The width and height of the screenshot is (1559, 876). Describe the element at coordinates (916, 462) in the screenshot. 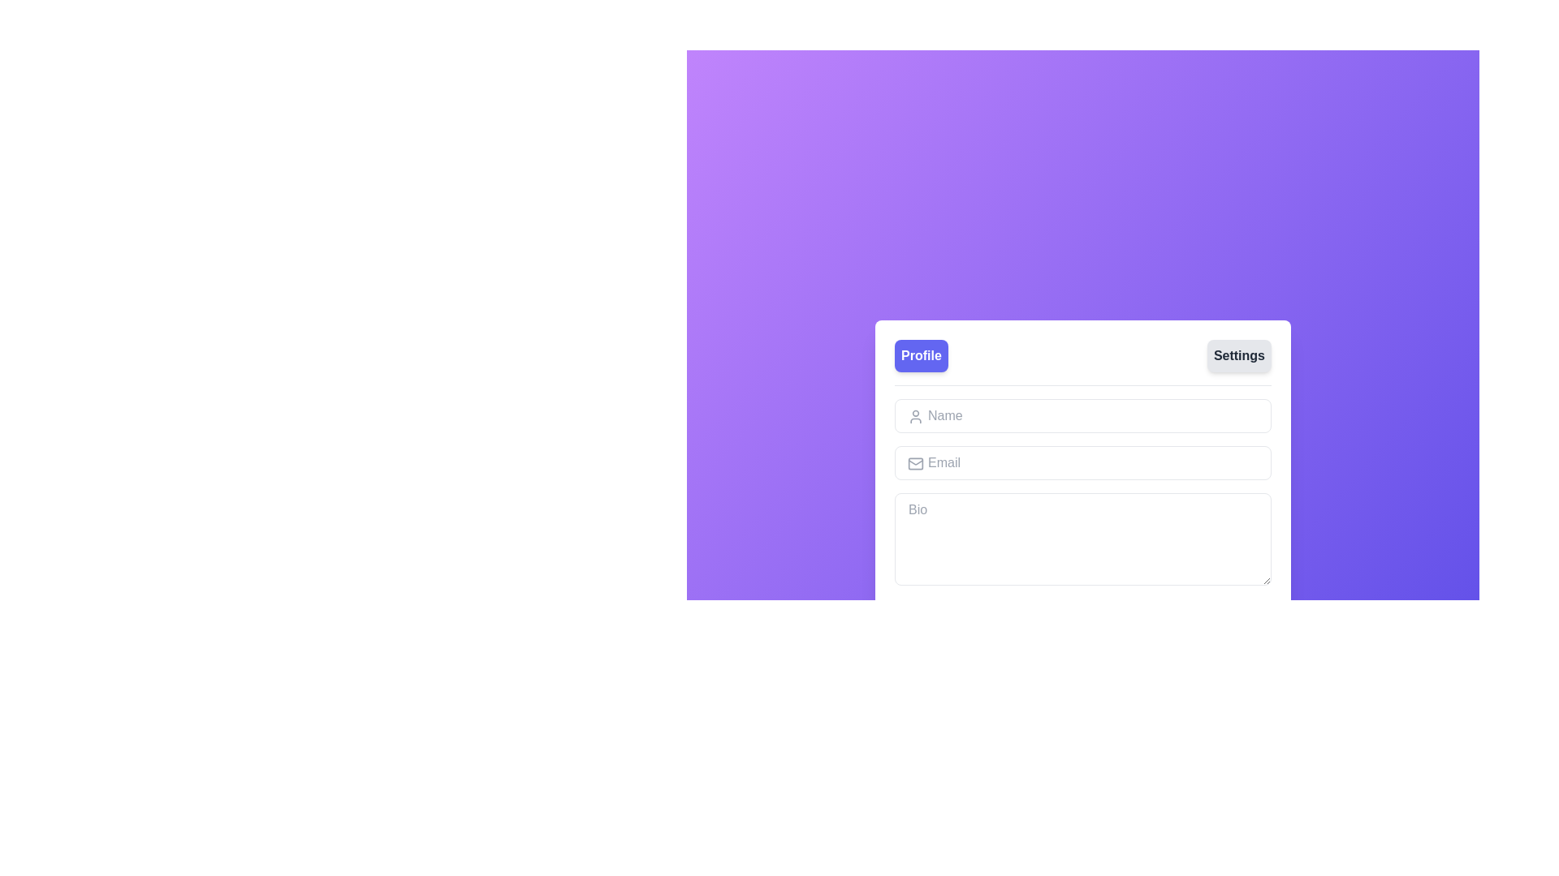

I see `the SVG shape component that visually represents an opened envelope, which is part of a mail icon and is located to the left of the email input field` at that location.